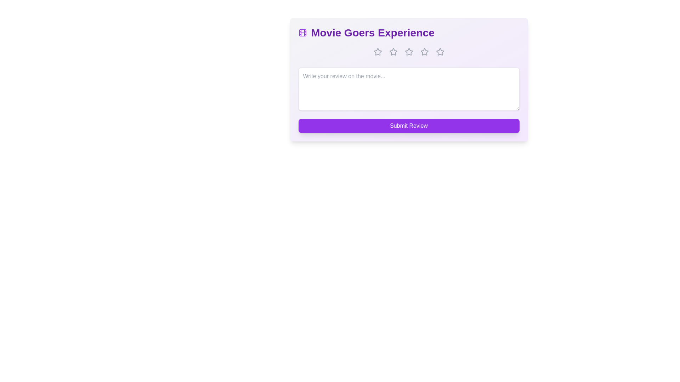 The height and width of the screenshot is (382, 680). What do you see at coordinates (409, 51) in the screenshot?
I see `the star corresponding to 3 stars to set the rating` at bounding box center [409, 51].